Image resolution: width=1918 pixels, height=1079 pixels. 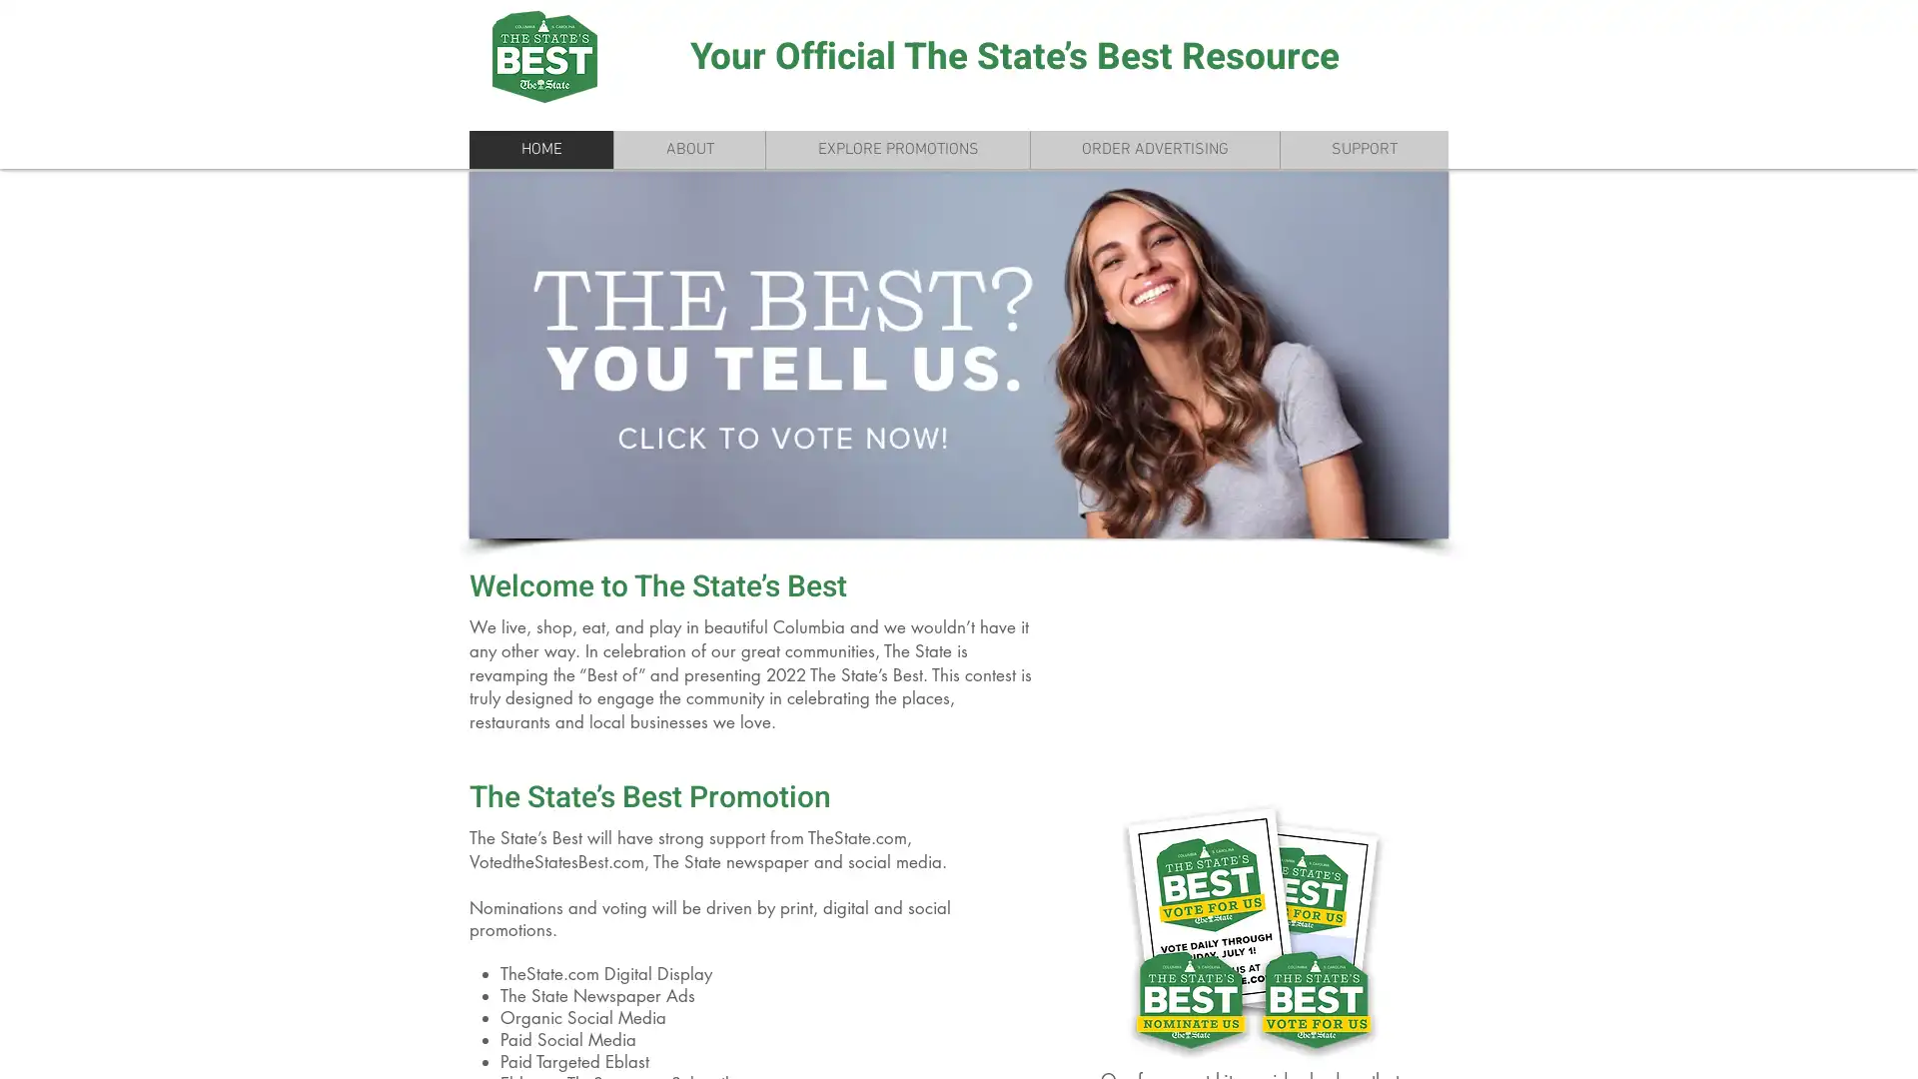 What do you see at coordinates (1719, 1046) in the screenshot?
I see `Decline All` at bounding box center [1719, 1046].